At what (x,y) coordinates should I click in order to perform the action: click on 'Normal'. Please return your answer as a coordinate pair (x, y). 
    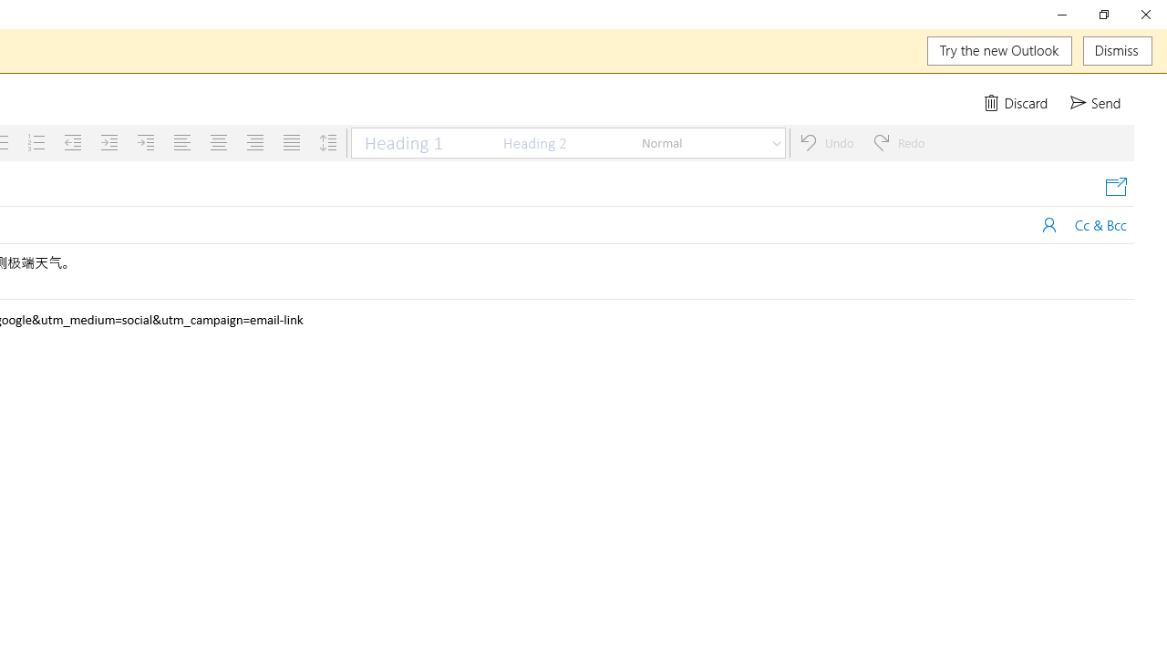
    Looking at the image, I should click on (697, 141).